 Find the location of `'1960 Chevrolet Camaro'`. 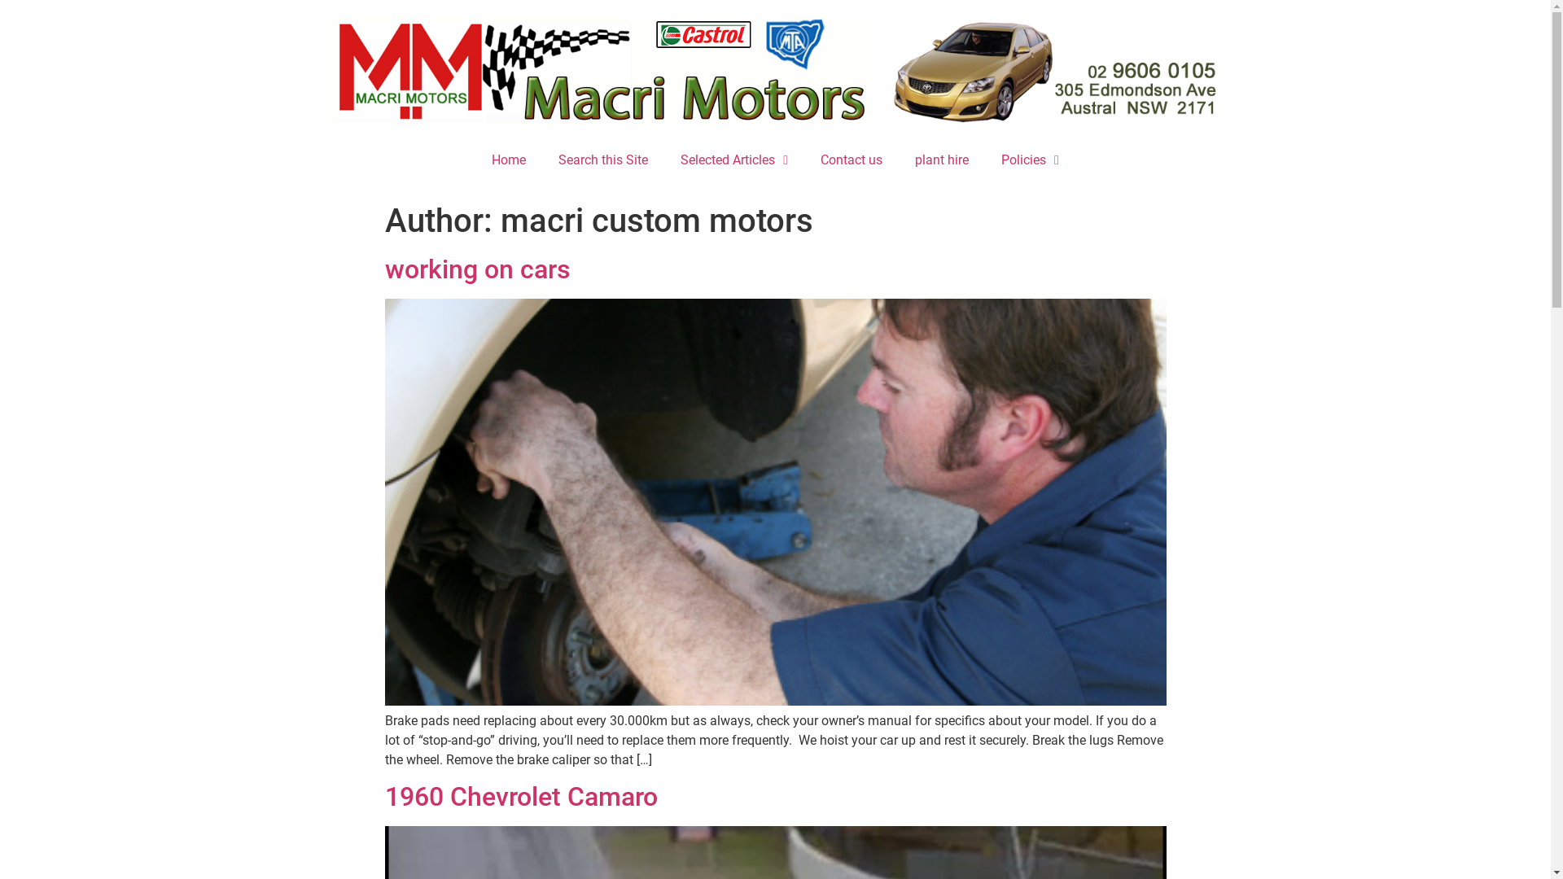

'1960 Chevrolet Camaro' is located at coordinates (519, 796).